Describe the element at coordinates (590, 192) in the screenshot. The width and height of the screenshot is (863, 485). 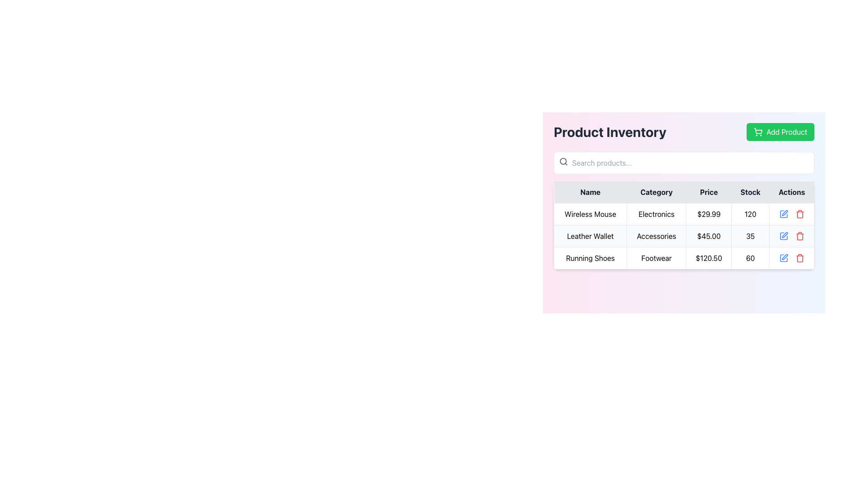
I see `the 'Name' column header in the table located at the top-left corner of the table, which is the first column before 'Category', 'Price', 'Stock', and 'Actions'` at that location.